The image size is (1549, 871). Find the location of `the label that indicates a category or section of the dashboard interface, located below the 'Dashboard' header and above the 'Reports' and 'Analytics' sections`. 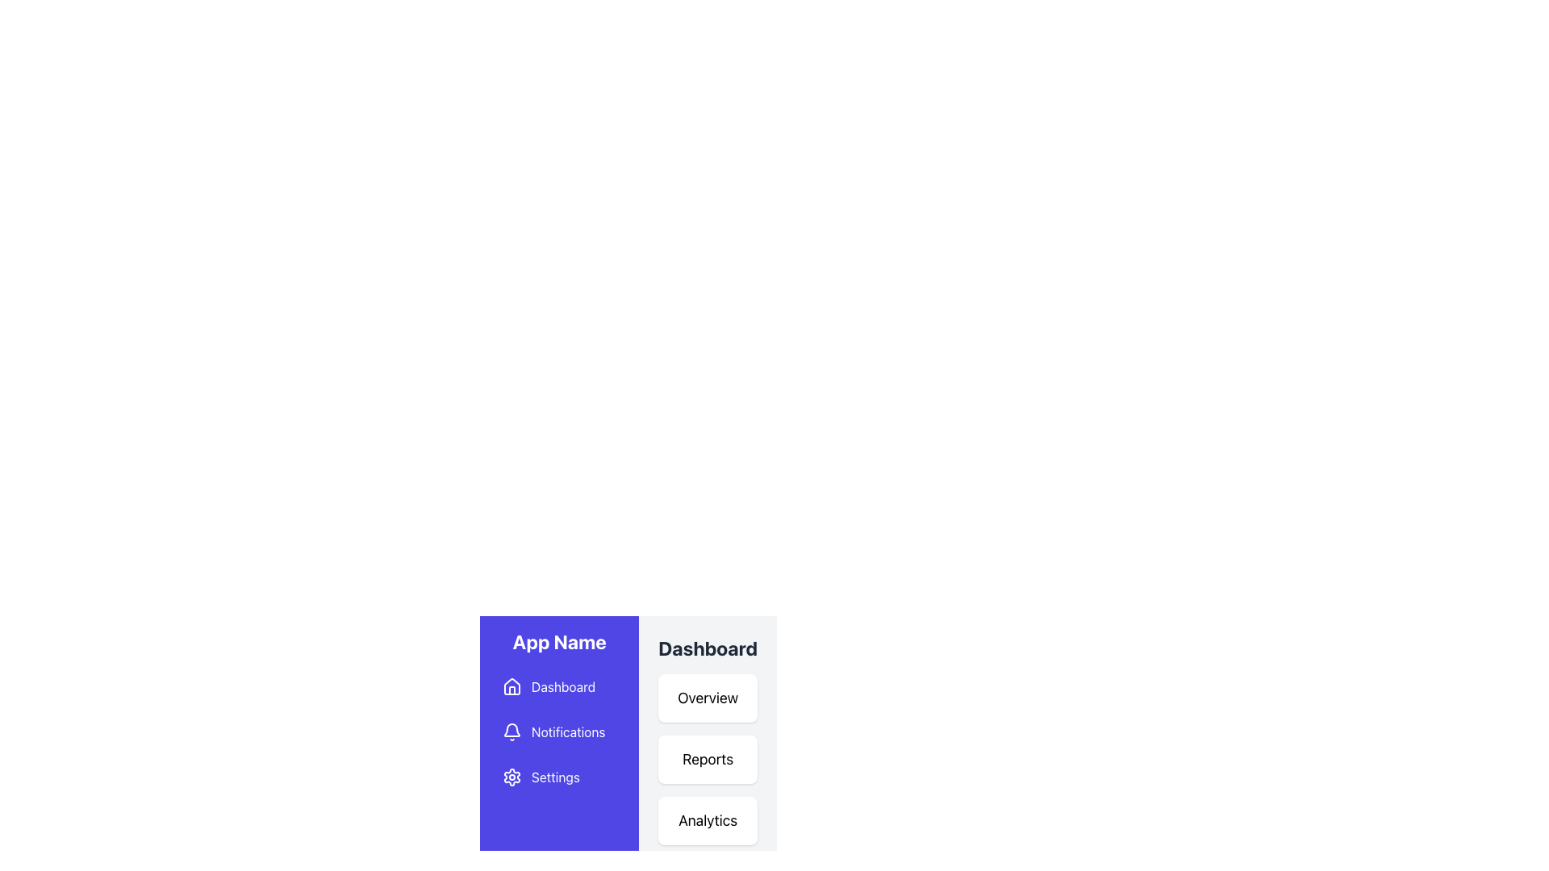

the label that indicates a category or section of the dashboard interface, located below the 'Dashboard' header and above the 'Reports' and 'Analytics' sections is located at coordinates (708, 698).